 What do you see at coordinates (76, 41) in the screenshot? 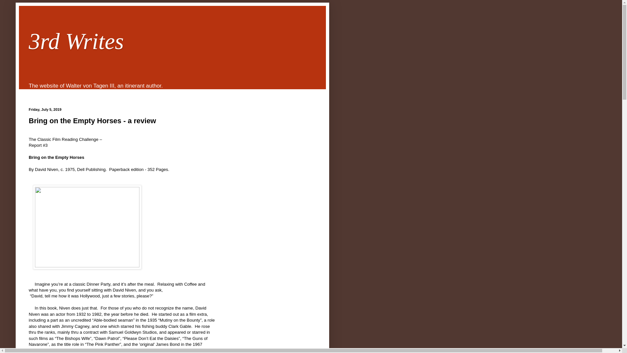
I see `'3rd Writes'` at bounding box center [76, 41].